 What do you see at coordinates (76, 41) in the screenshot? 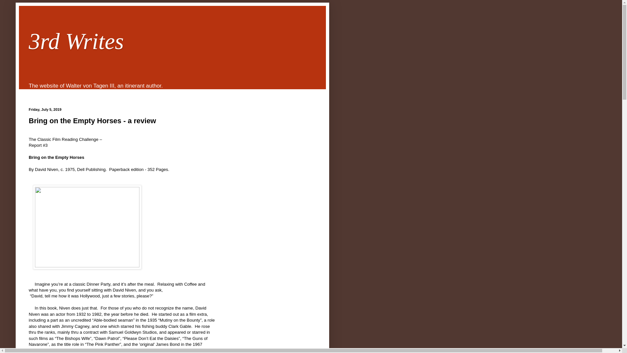
I see `'3rd Writes'` at bounding box center [76, 41].